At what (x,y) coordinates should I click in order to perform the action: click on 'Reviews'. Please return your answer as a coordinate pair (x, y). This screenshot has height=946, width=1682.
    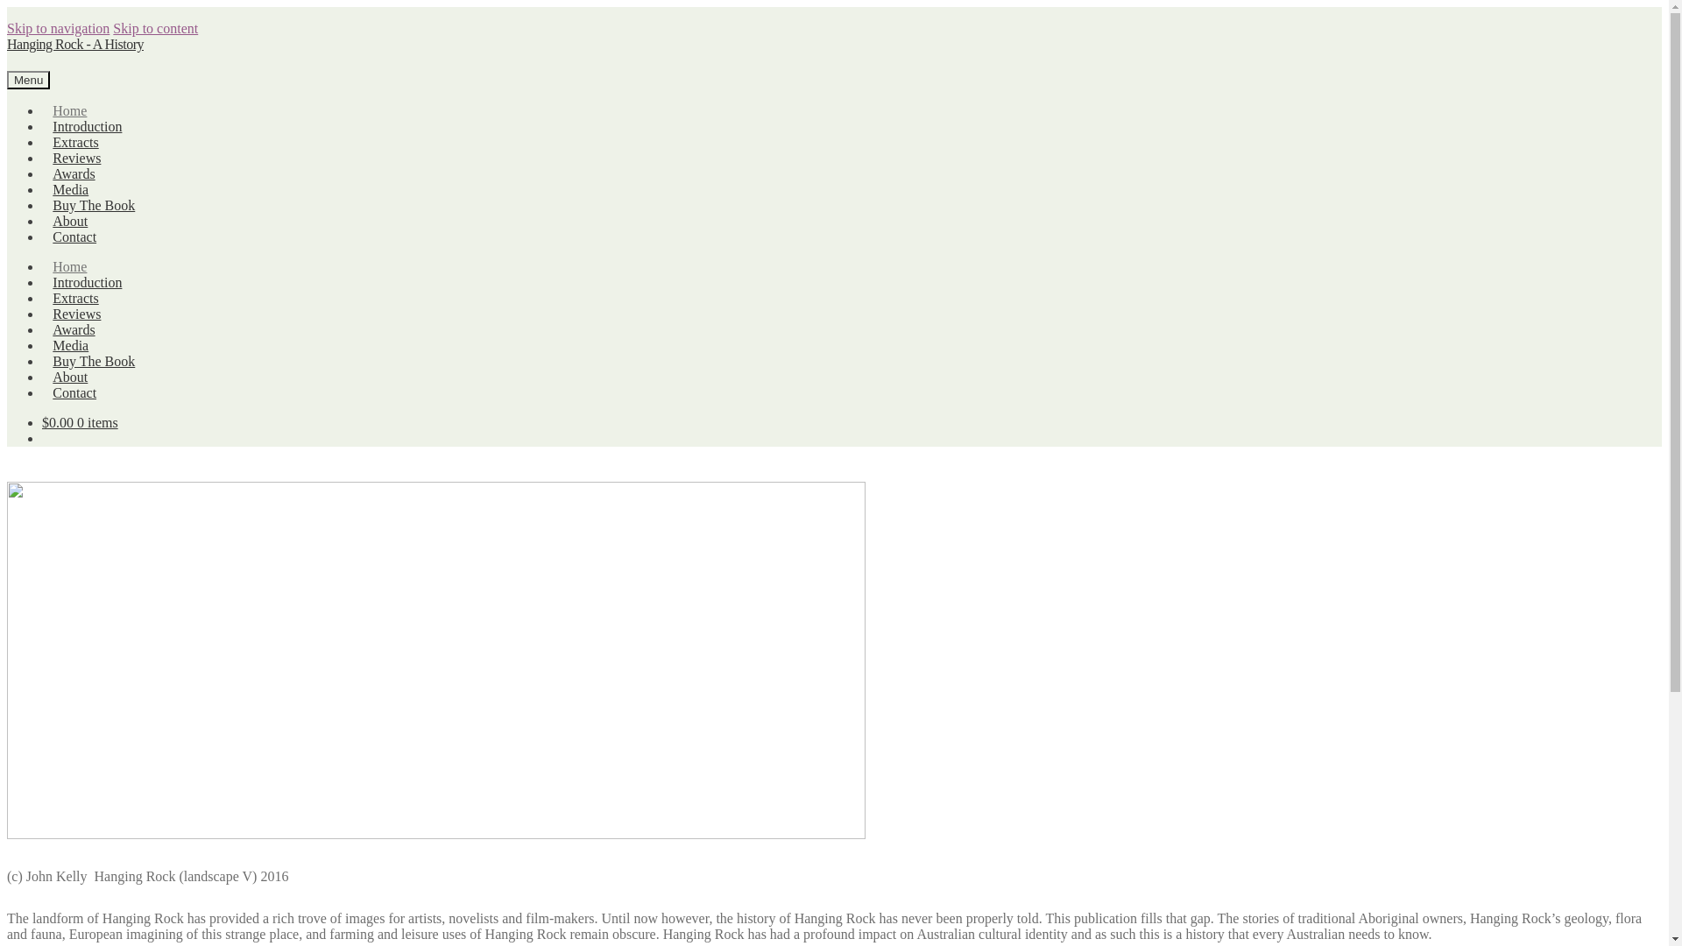
    Looking at the image, I should click on (75, 313).